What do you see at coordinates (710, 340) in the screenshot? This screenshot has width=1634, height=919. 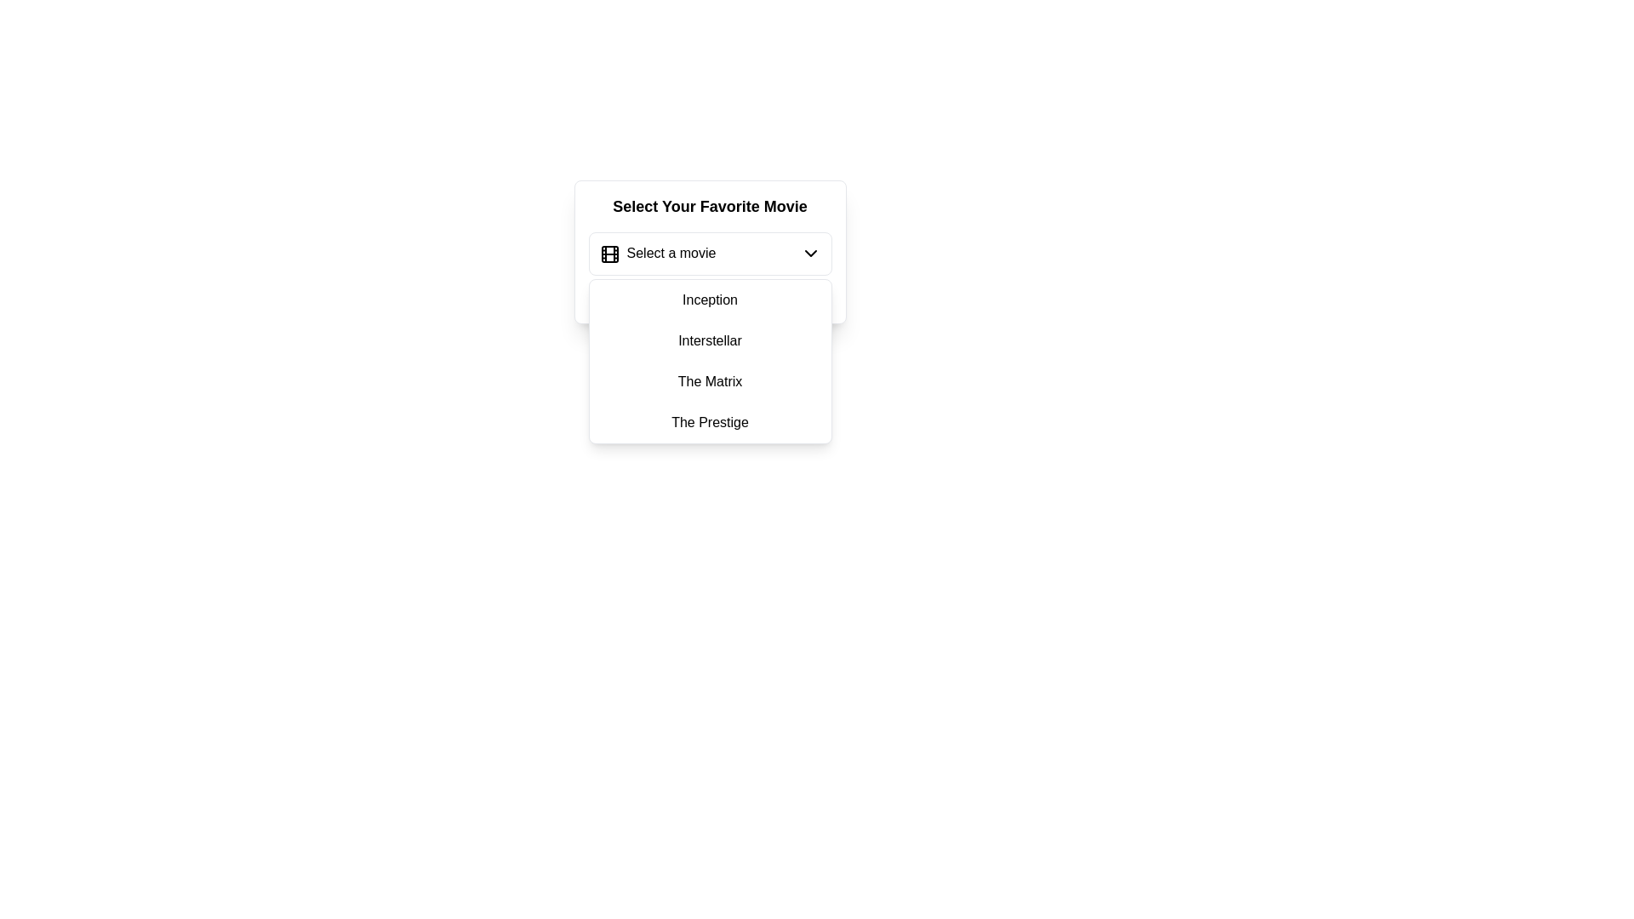 I see `the second item in the dropdown menu` at bounding box center [710, 340].